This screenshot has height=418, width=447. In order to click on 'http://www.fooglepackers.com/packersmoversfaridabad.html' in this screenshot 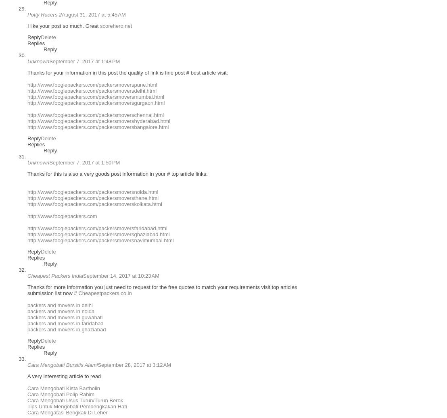, I will do `click(96, 228)`.